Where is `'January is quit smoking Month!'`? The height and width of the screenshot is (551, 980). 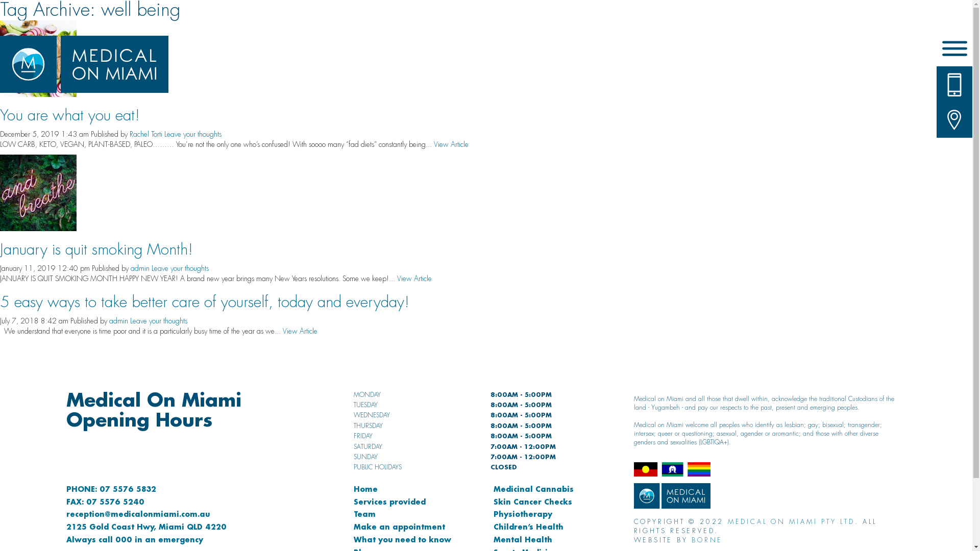
'January is quit smoking Month!' is located at coordinates (96, 249).